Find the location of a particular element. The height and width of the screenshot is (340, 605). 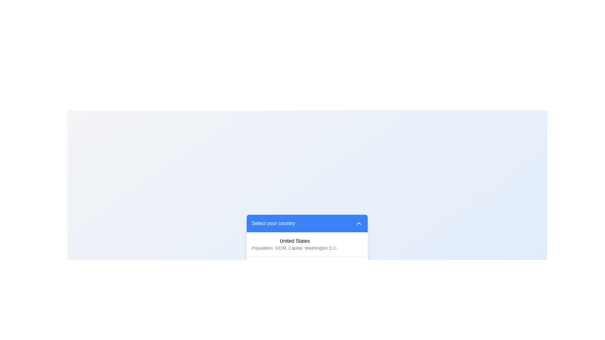

the 'United States' text block located in the upper section of the dropdown box under the title 'Select your country' is located at coordinates (294, 241).